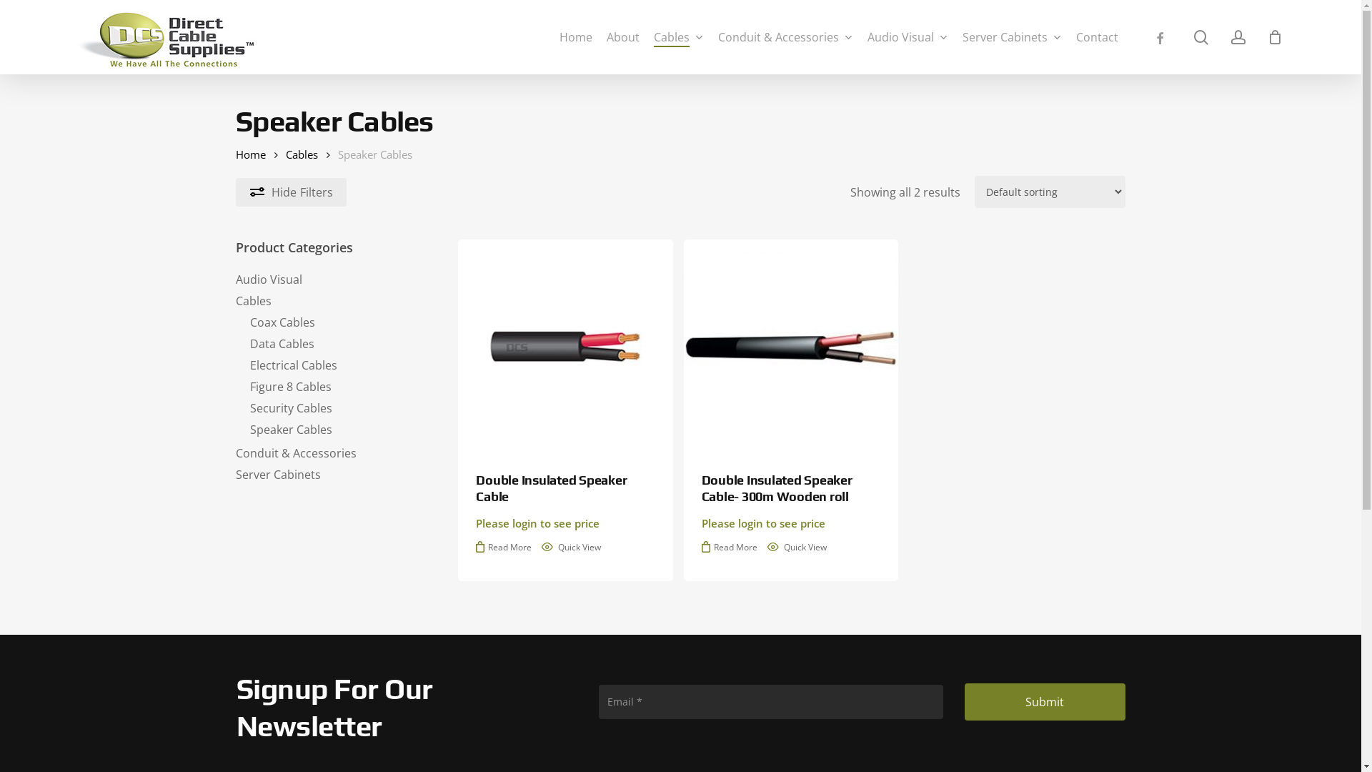  I want to click on 'Double Insulated Speaker Cable- 300m Wooden roll', so click(790, 488).